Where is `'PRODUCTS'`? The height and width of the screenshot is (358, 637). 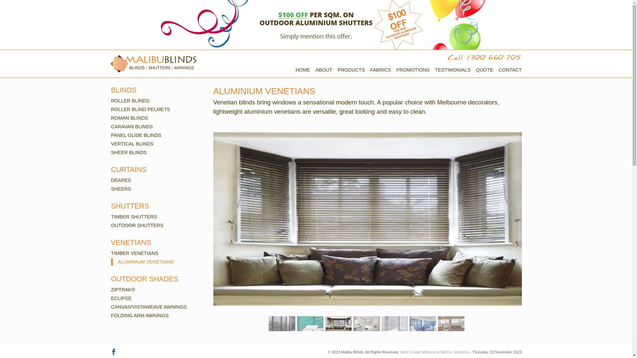
'PRODUCTS' is located at coordinates (351, 70).